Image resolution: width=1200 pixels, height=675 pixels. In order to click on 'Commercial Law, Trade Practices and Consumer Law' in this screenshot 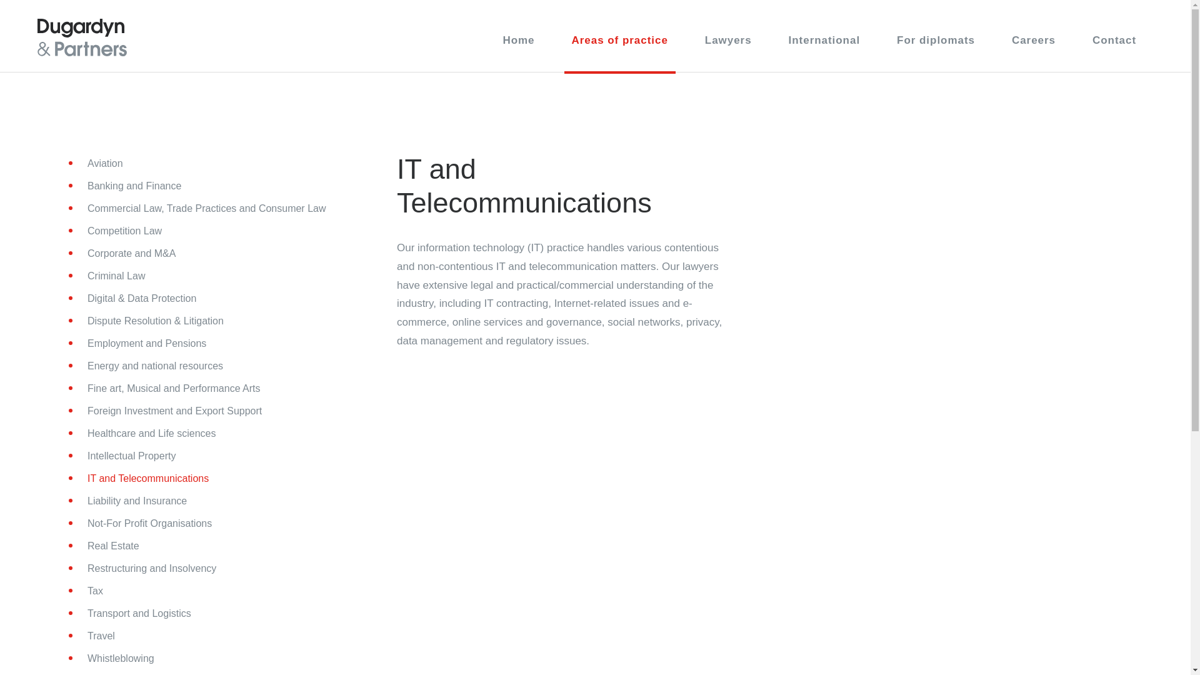, I will do `click(197, 208)`.